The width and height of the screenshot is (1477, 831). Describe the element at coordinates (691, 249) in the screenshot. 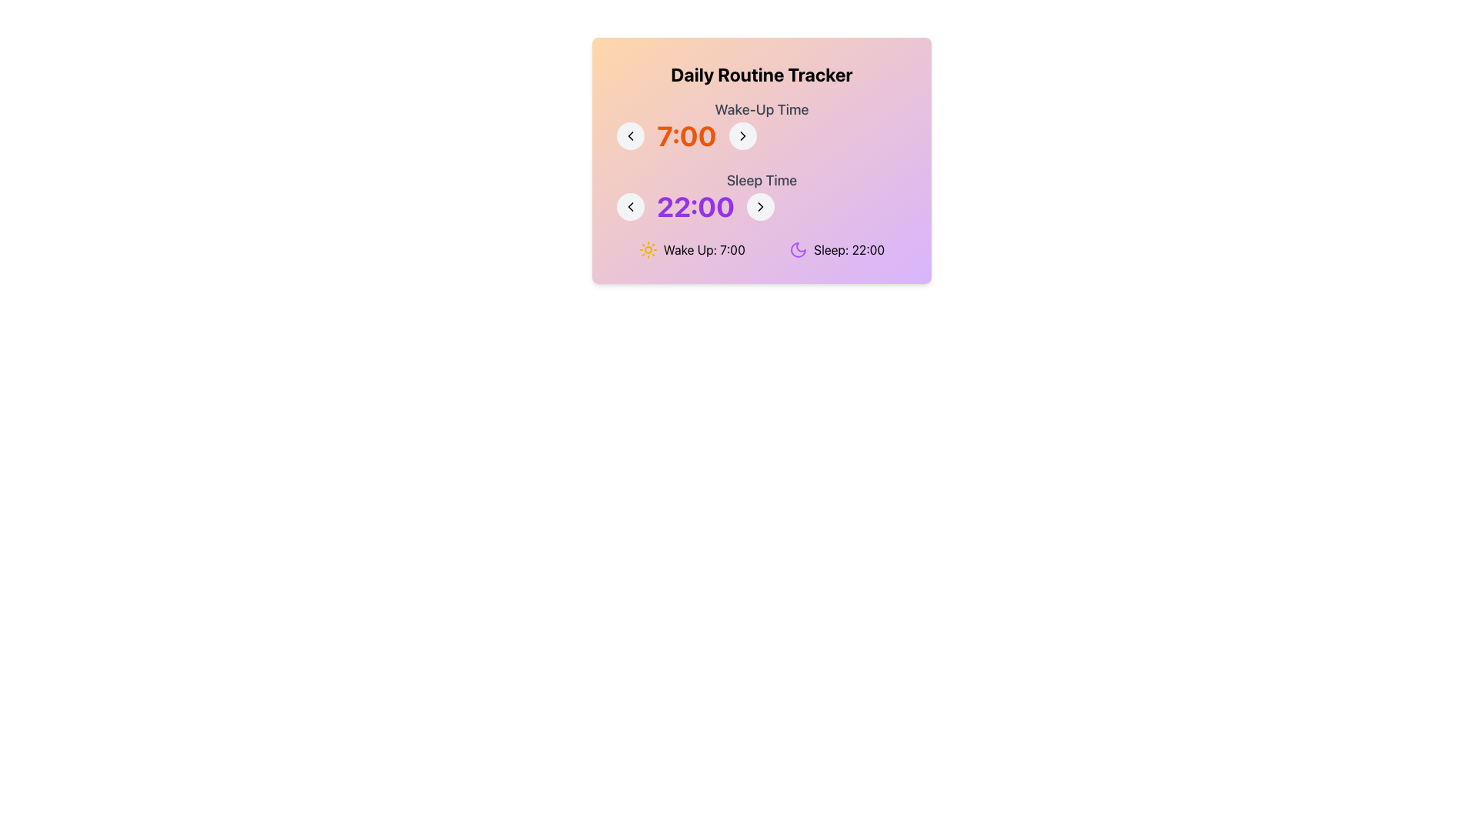

I see `the first Label with icon that displays the wake-up time, which is located below the 'Daily Routine Tracker' section and to the left of the 'Sleep: 22:00' element` at that location.